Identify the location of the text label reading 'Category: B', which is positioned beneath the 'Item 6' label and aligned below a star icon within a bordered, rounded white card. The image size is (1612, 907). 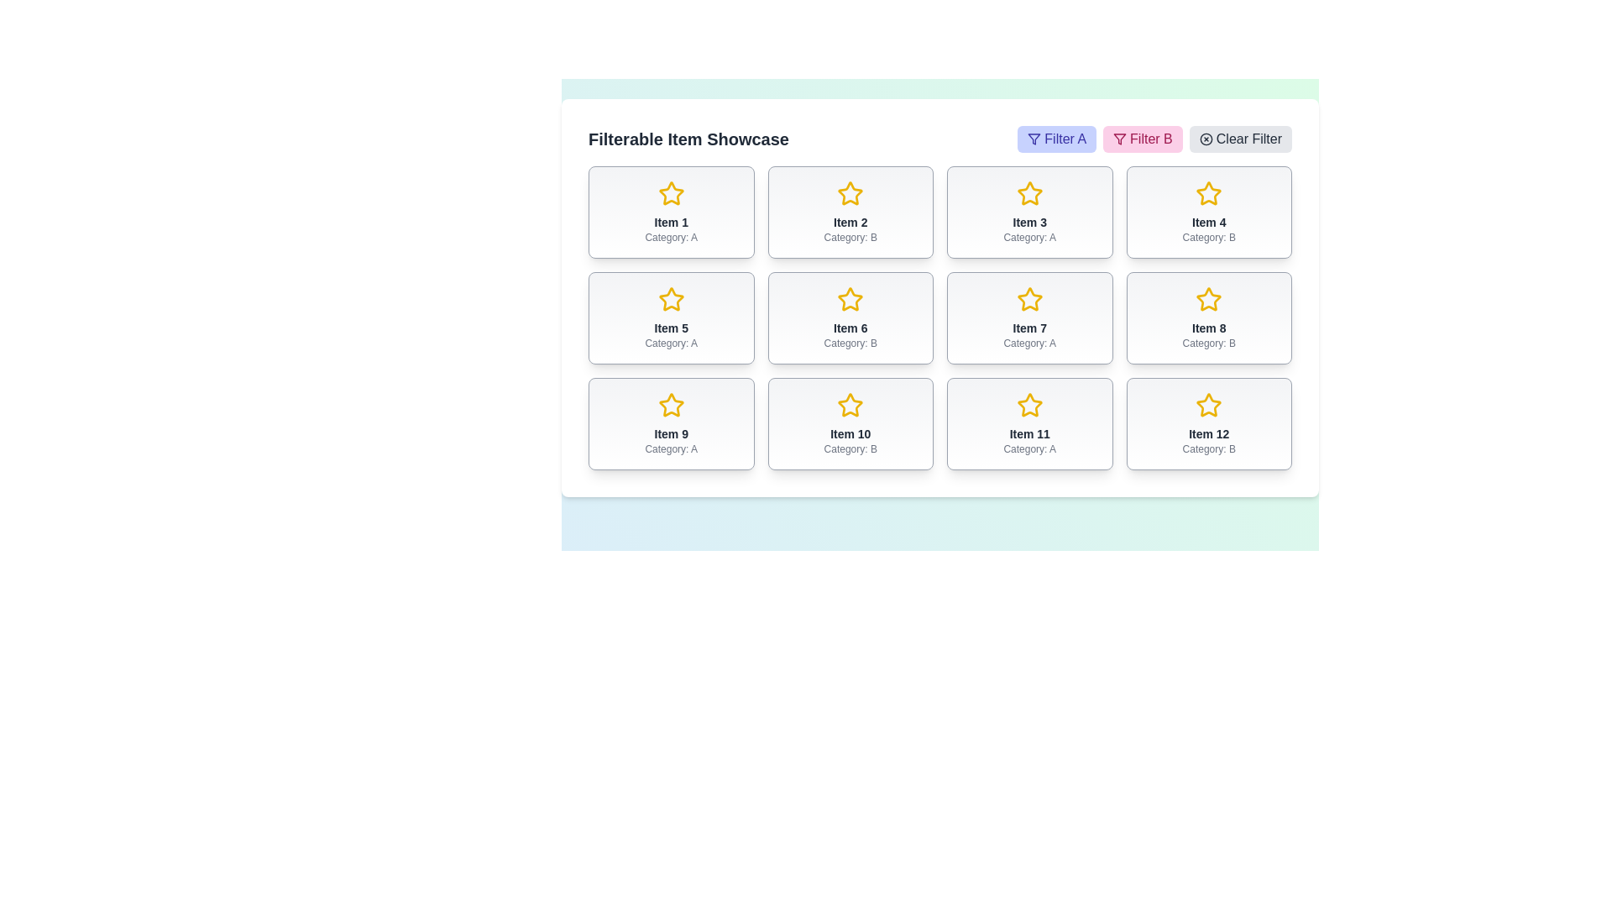
(850, 342).